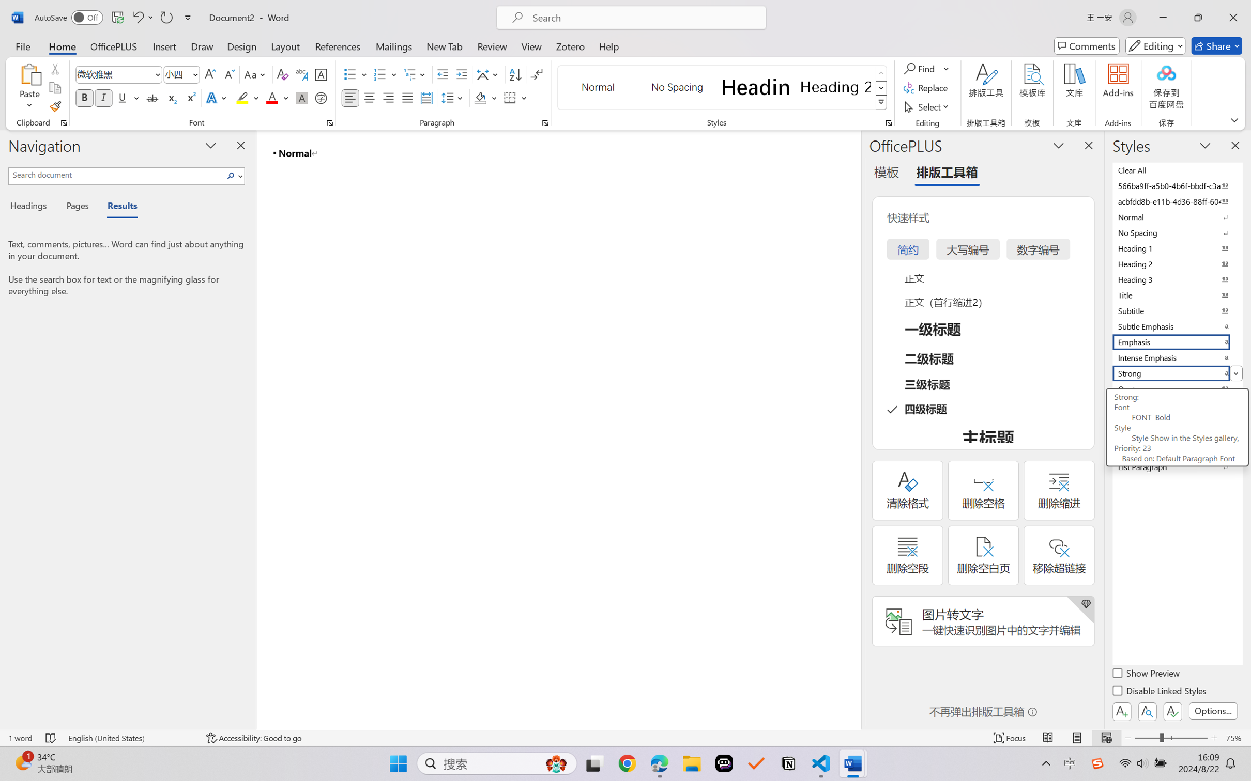  Describe the element at coordinates (32, 207) in the screenshot. I see `'Headings'` at that location.